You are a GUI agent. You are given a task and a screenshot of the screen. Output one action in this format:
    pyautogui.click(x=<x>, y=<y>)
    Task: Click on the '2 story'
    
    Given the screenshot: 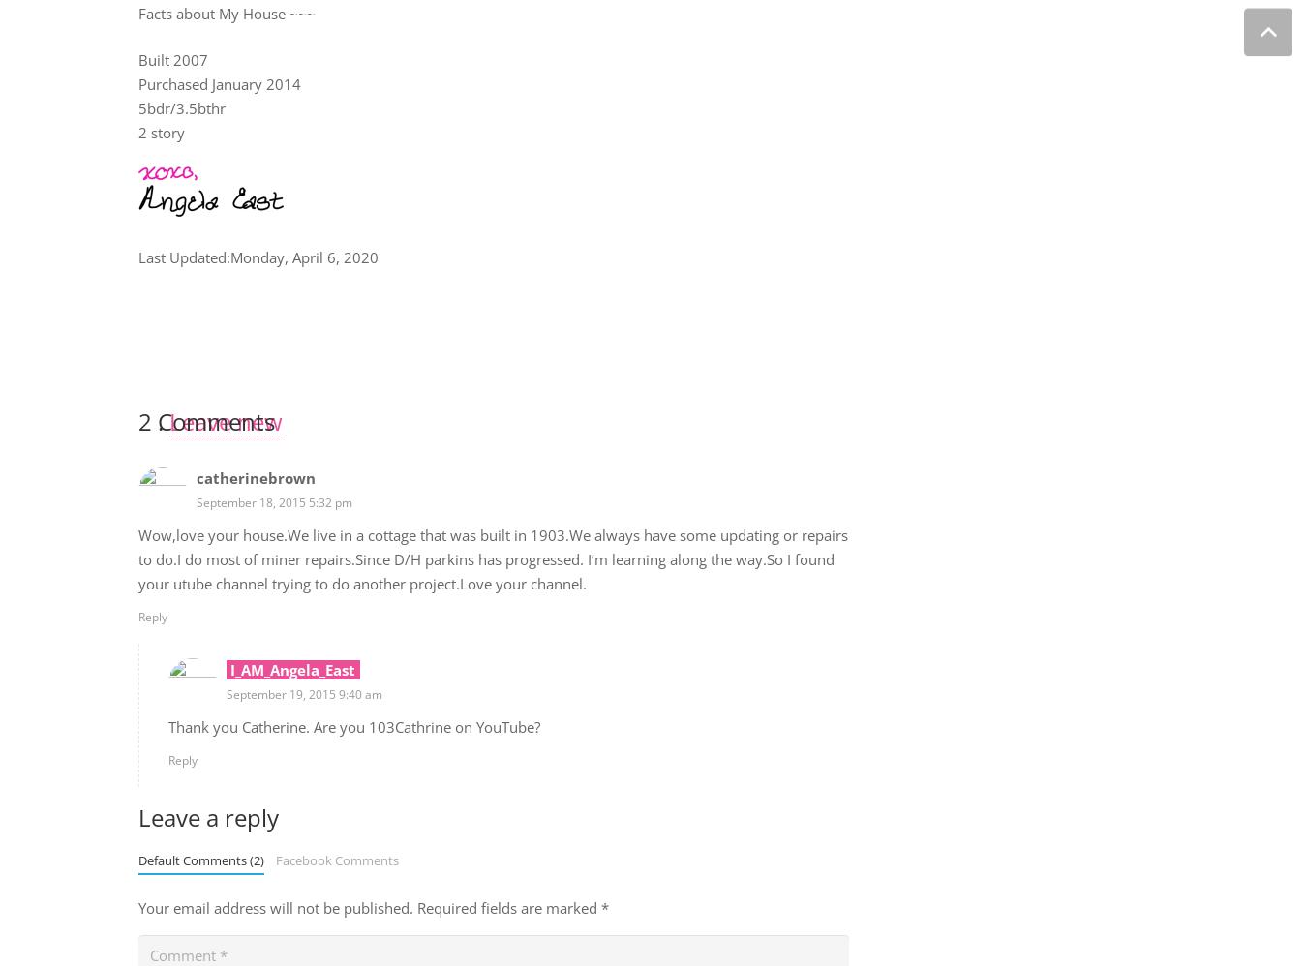 What is the action you would take?
    pyautogui.click(x=137, y=132)
    